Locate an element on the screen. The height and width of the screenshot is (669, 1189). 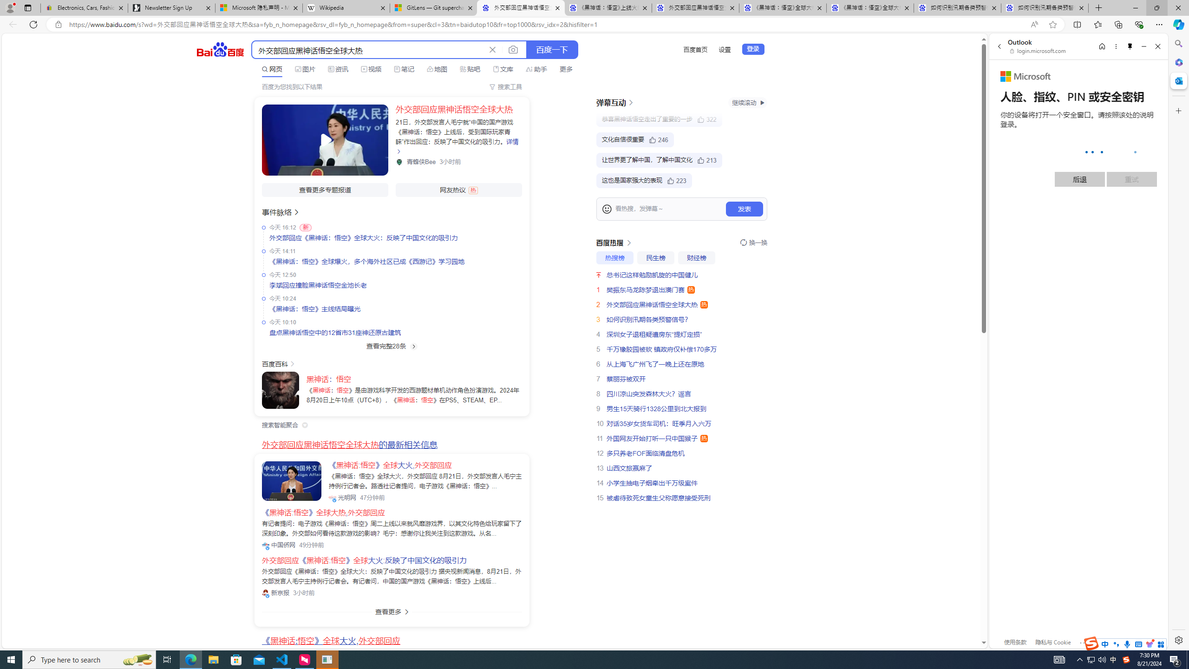
'AutomationID: kw' is located at coordinates (369, 50).